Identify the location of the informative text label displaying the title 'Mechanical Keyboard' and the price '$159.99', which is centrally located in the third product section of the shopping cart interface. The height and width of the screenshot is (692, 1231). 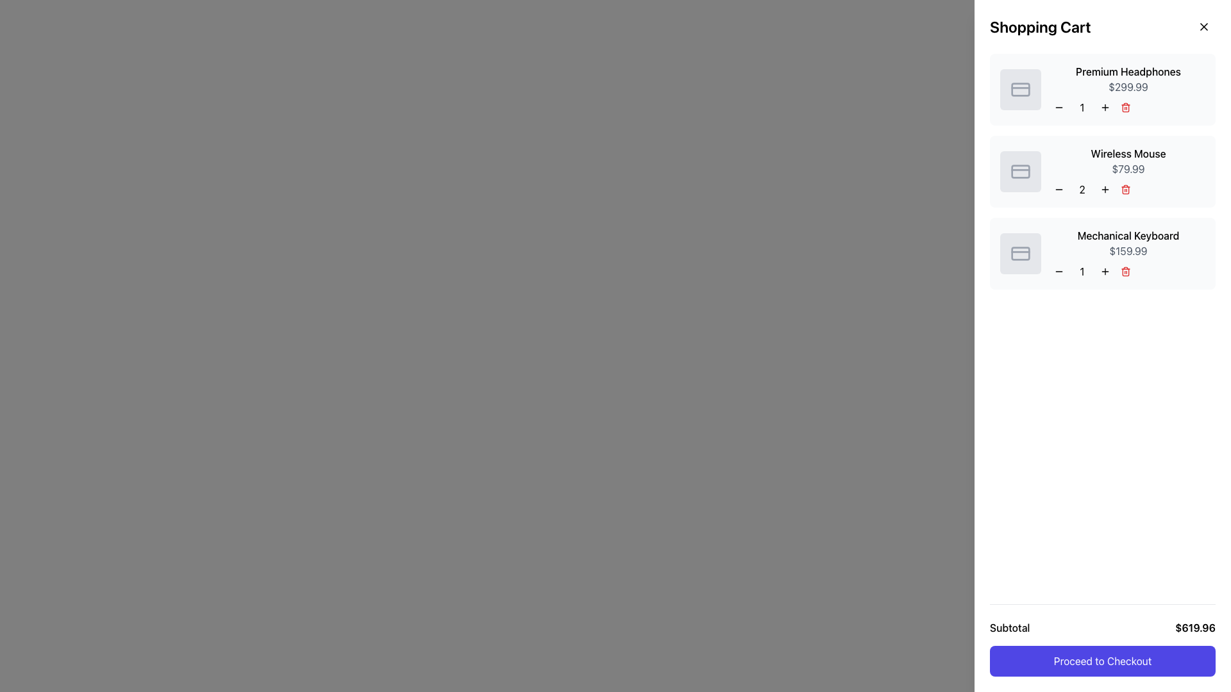
(1128, 254).